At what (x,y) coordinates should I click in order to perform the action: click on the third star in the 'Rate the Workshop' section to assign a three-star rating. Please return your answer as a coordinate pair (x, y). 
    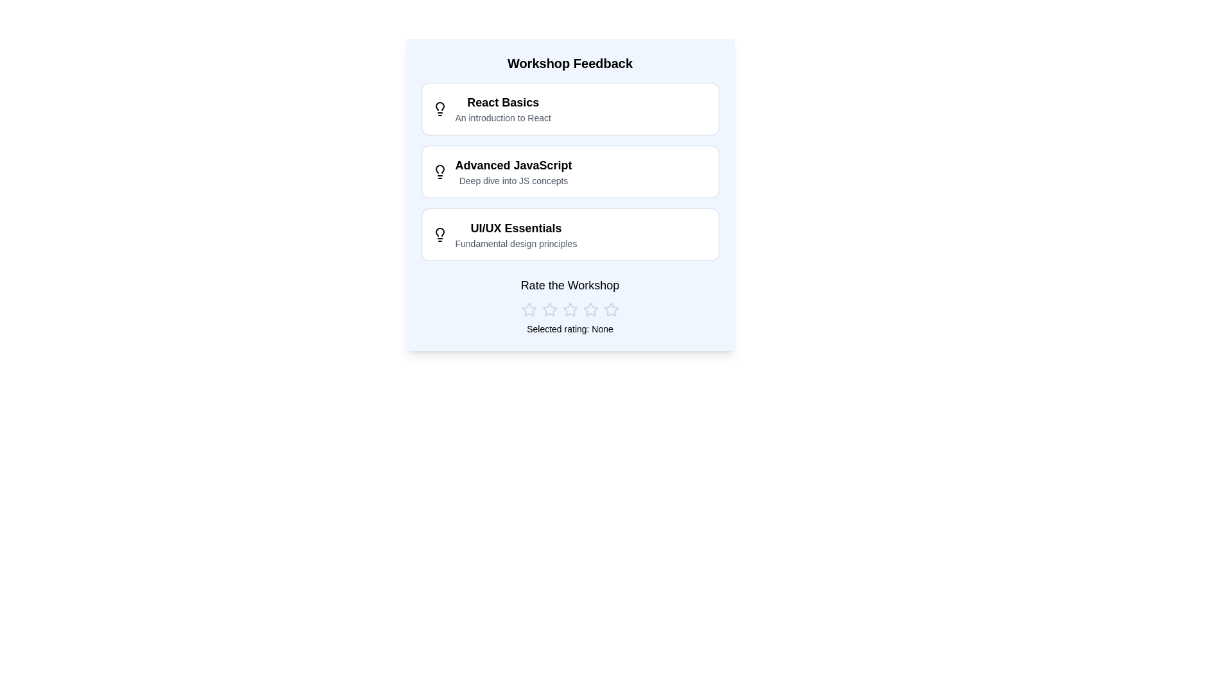
    Looking at the image, I should click on (569, 309).